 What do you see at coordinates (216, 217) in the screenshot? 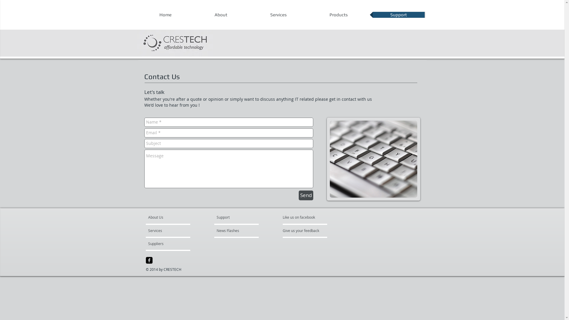
I see `'Support'` at bounding box center [216, 217].